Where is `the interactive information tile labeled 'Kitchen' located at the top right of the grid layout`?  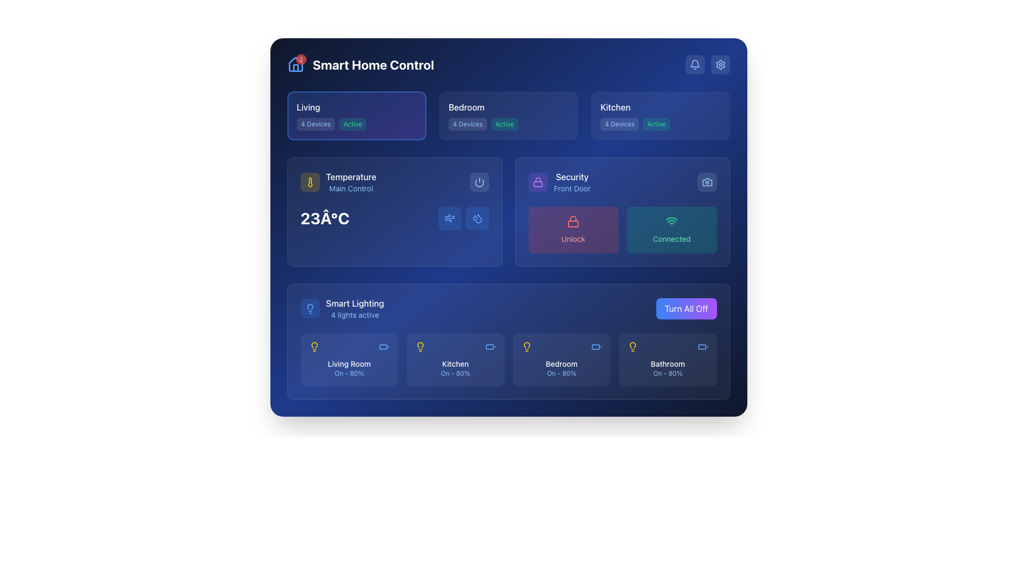
the interactive information tile labeled 'Kitchen' located at the top right of the grid layout is located at coordinates (660, 116).